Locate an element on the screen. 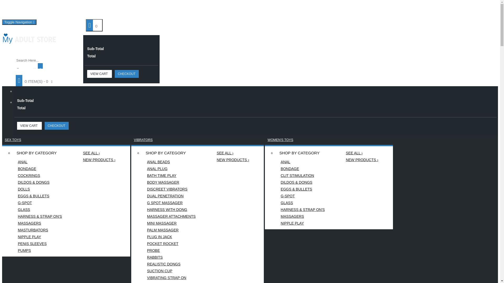 The width and height of the screenshot is (504, 283). 'VIBRATING STRAP ON' is located at coordinates (171, 277).